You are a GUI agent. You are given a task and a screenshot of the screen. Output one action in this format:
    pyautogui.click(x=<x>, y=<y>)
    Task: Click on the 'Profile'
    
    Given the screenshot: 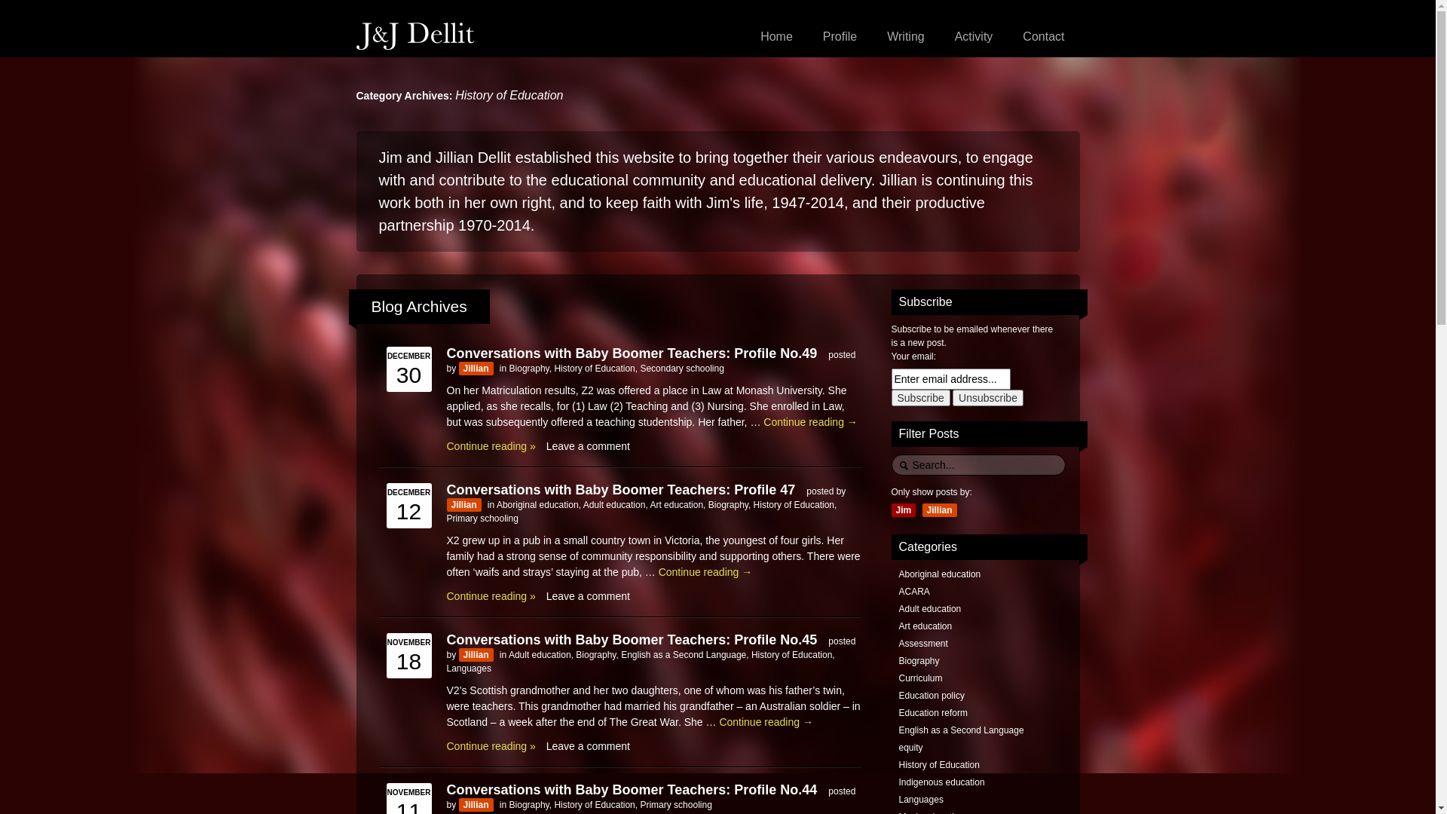 What is the action you would take?
    pyautogui.click(x=839, y=36)
    